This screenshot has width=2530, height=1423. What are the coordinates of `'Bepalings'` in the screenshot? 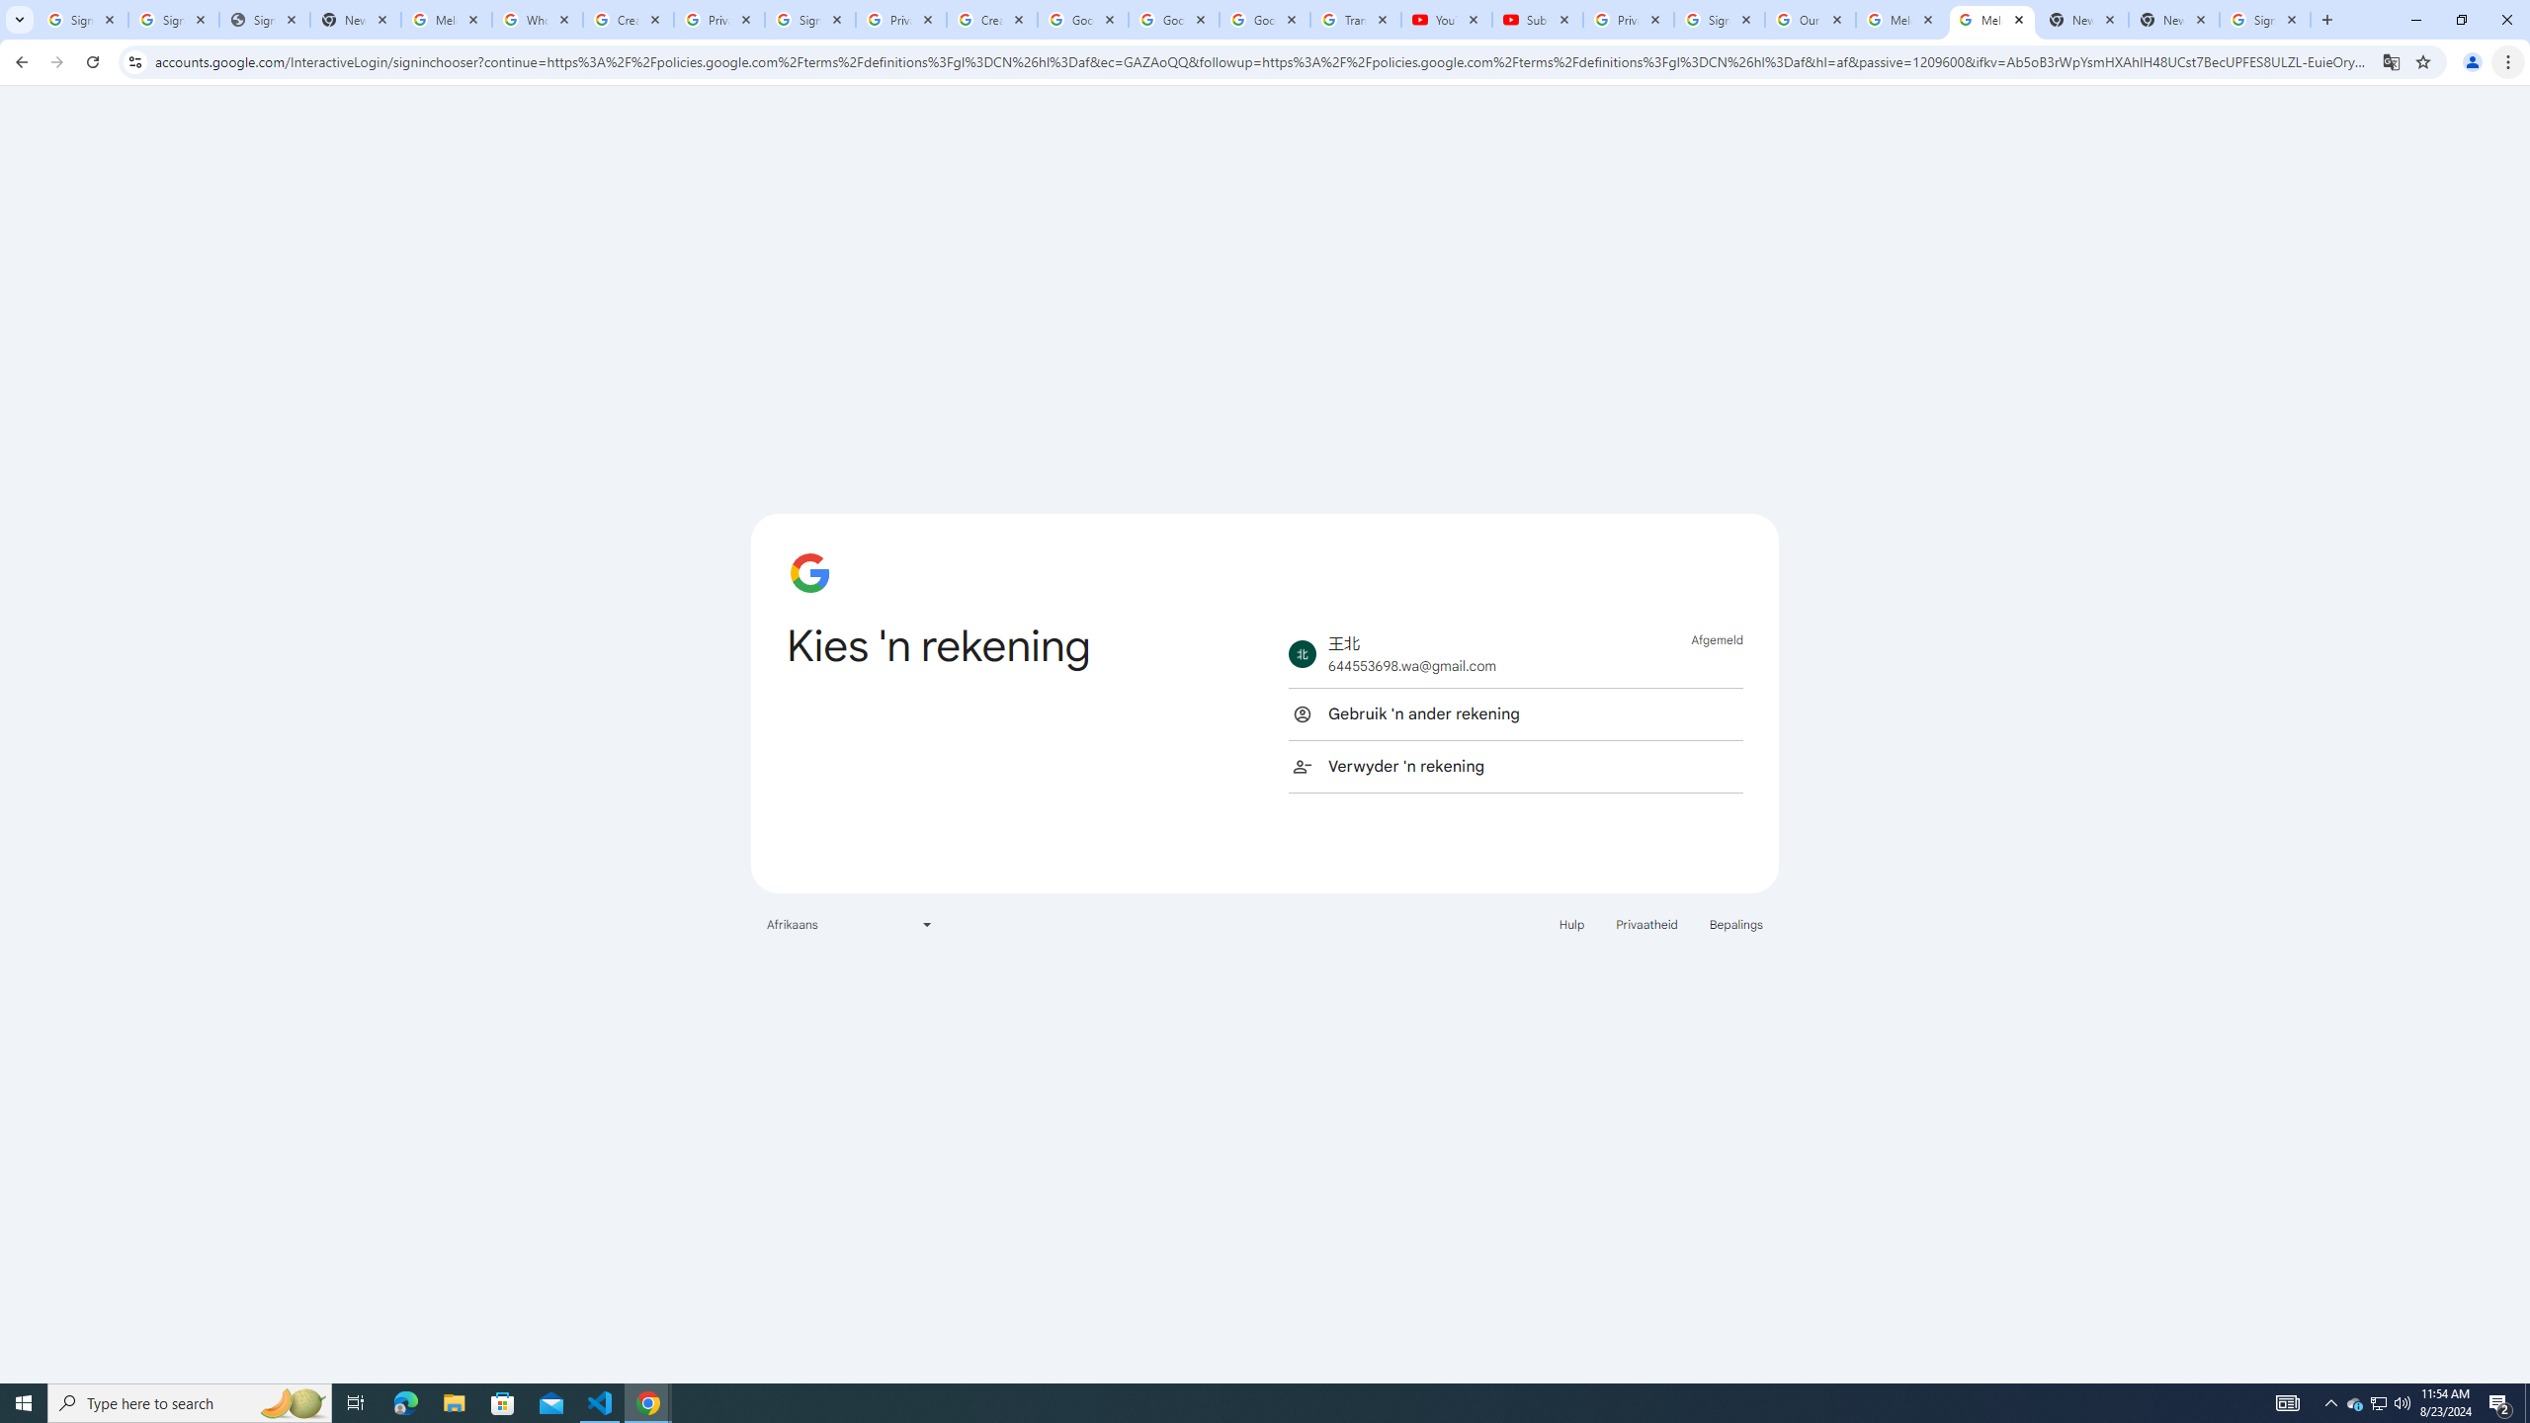 It's located at (1735, 923).